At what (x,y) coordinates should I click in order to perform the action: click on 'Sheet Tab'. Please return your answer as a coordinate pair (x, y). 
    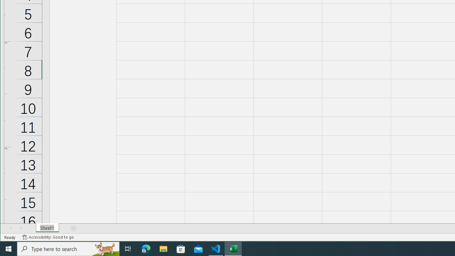
    Looking at the image, I should click on (47, 228).